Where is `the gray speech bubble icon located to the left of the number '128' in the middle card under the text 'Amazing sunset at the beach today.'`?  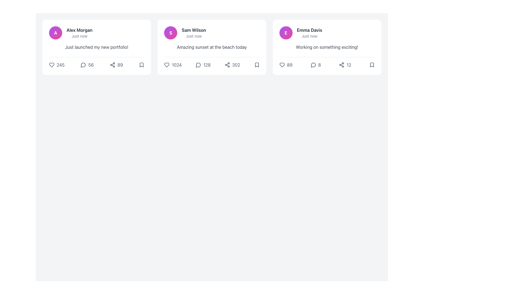 the gray speech bubble icon located to the left of the number '128' in the middle card under the text 'Amazing sunset at the beach today.' is located at coordinates (198, 64).